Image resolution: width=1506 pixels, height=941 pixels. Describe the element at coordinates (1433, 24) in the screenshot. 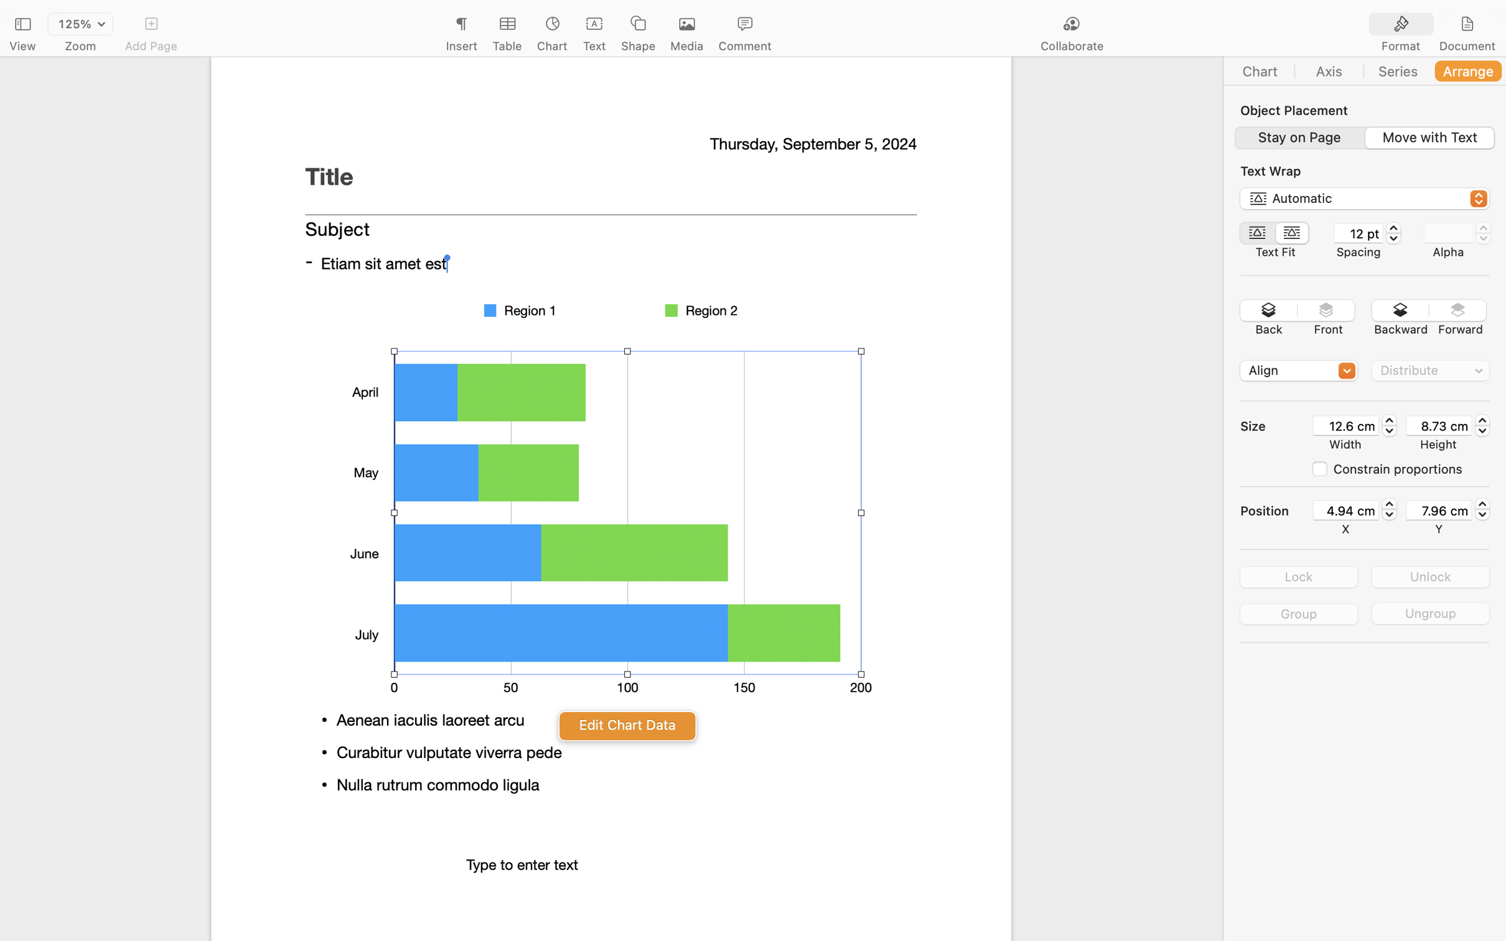

I see `'<AXUIElement 0x178665520> {pid=1482}'` at that location.